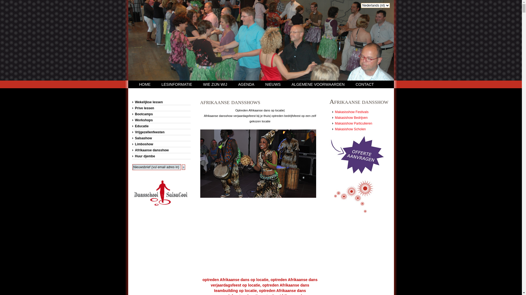 The height and width of the screenshot is (295, 526). Describe the element at coordinates (161, 156) in the screenshot. I see `'Huur djembe'` at that location.